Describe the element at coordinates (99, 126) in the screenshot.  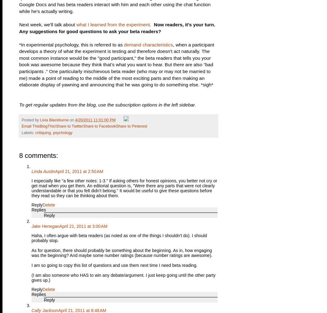
I see `'Share to Facebook'` at that location.